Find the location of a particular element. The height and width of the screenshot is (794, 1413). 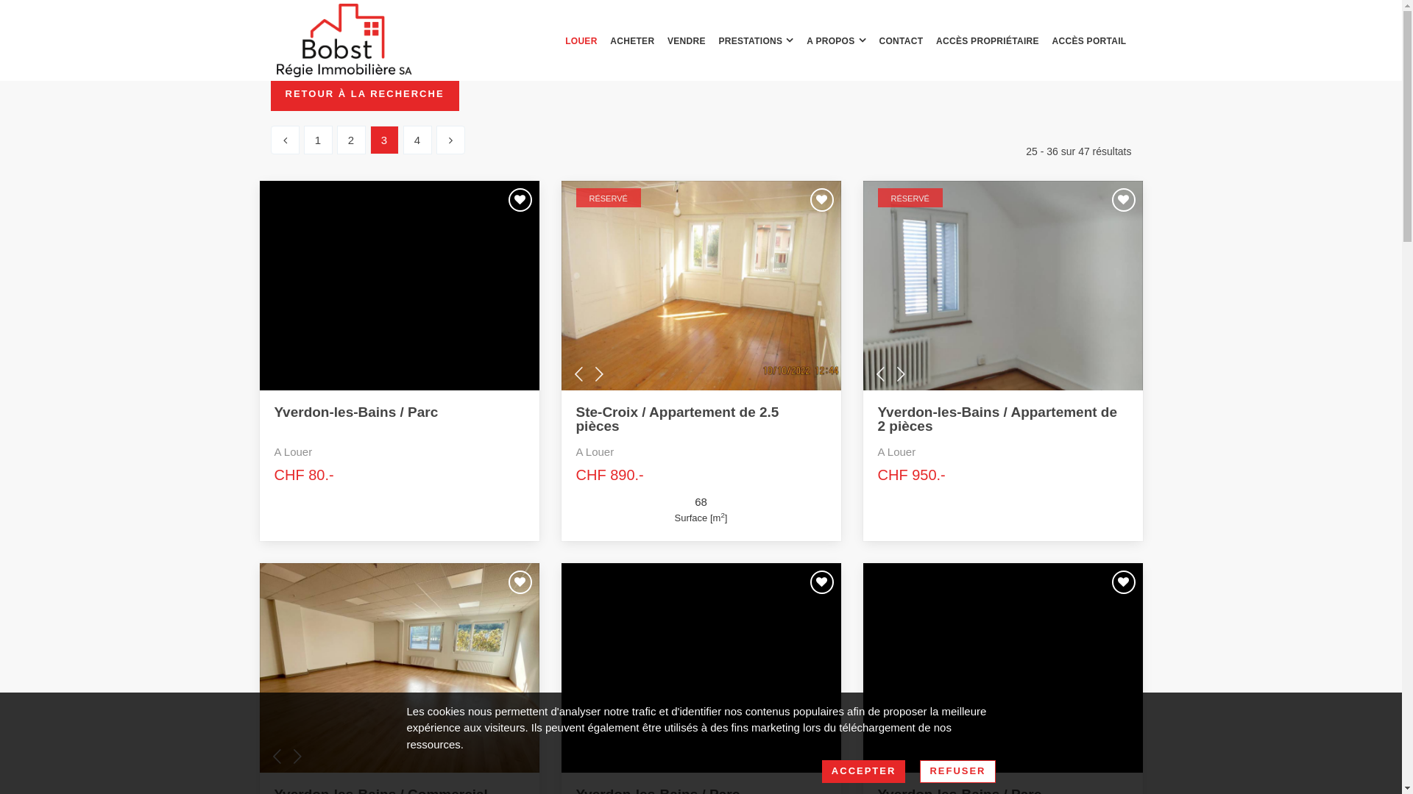

'ACCEPTER' is located at coordinates (864, 770).